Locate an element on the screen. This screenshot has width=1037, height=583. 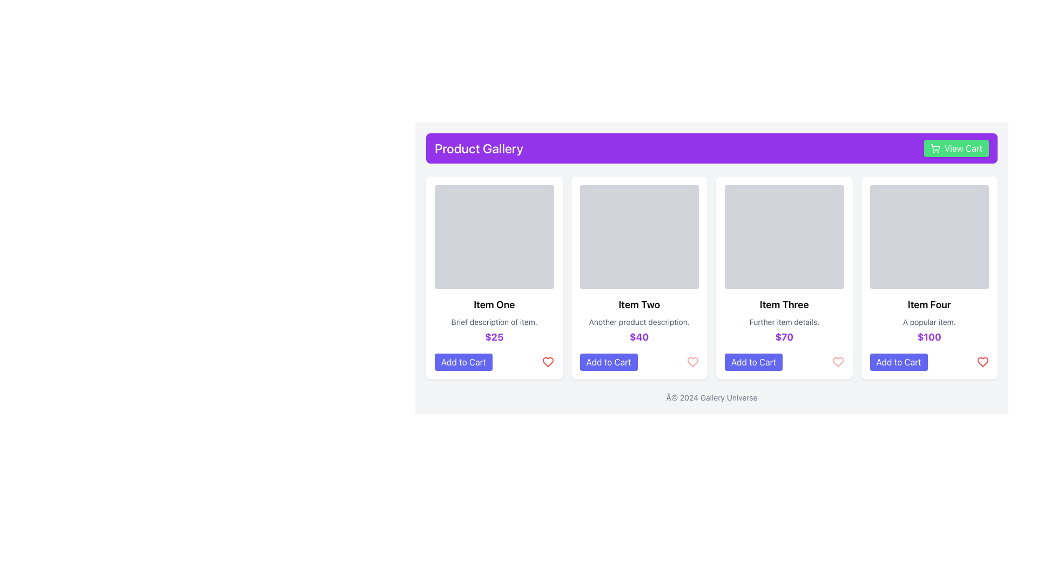
the price label displaying '$100' in the fourth product card titled 'Item Four', which is styled in bold purple and positioned above the 'Add to Cart' button is located at coordinates (928, 336).